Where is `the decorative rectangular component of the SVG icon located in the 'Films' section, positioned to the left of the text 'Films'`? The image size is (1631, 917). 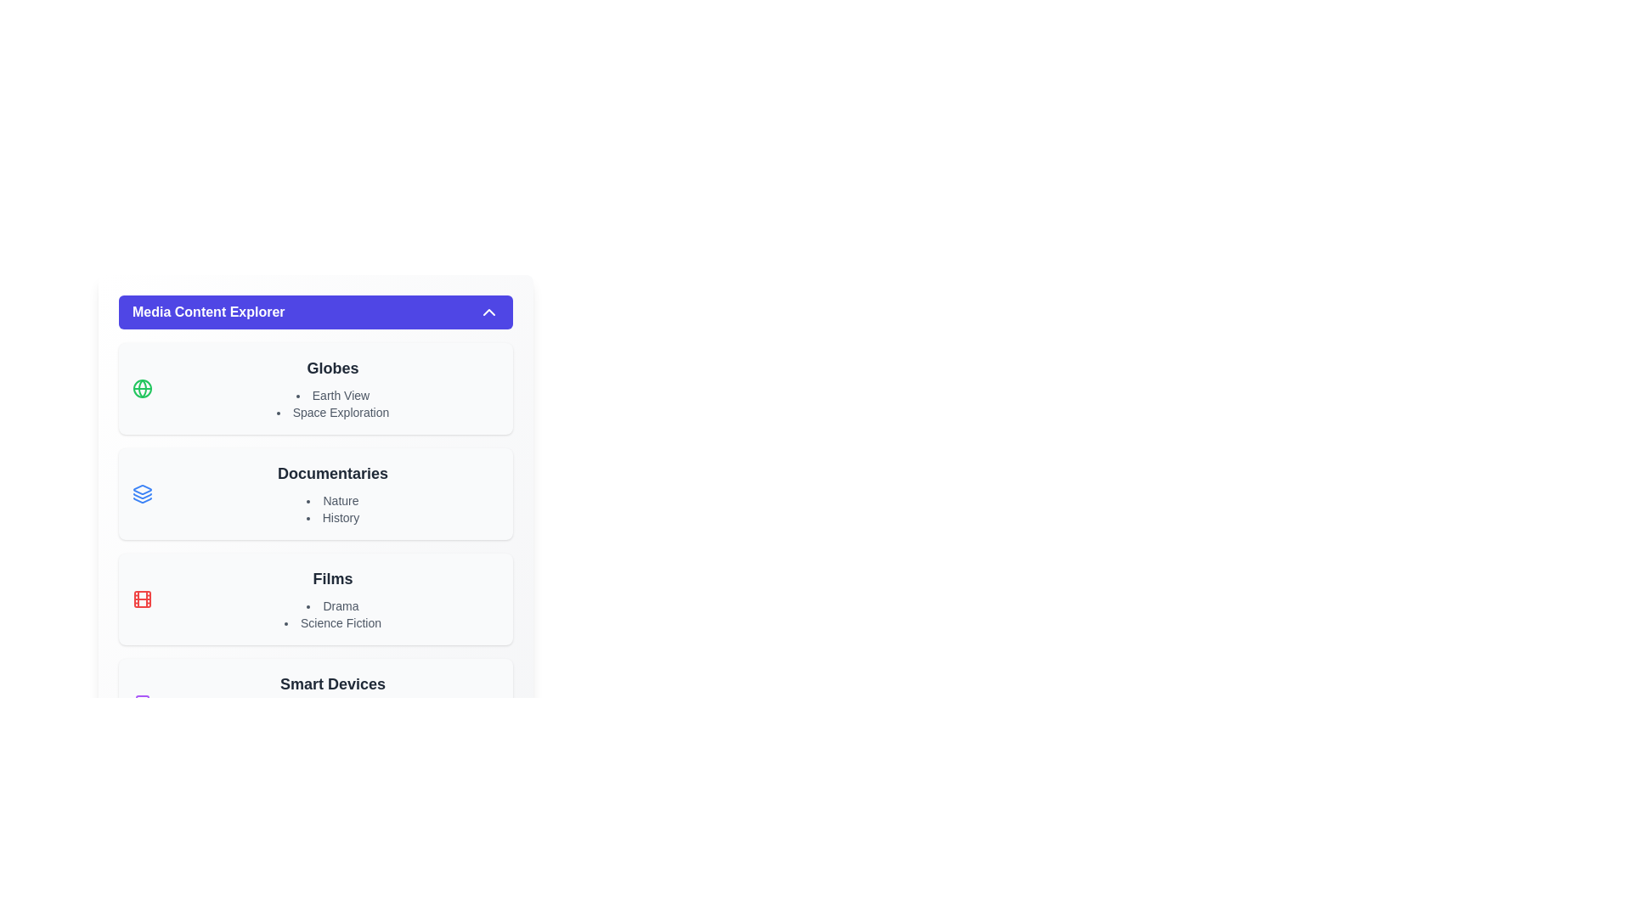 the decorative rectangular component of the SVG icon located in the 'Films' section, positioned to the left of the text 'Films' is located at coordinates (143, 598).